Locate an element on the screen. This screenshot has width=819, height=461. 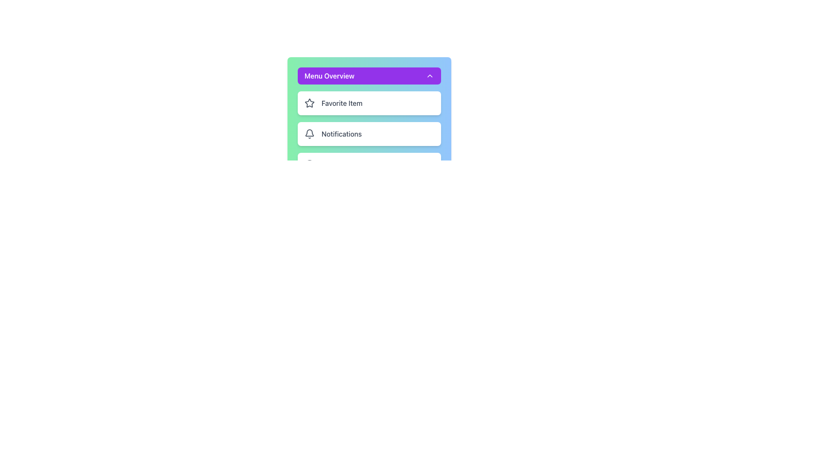
the 'Favorite Item' icon located to the left of the text label in the 'Menu Overview' options menu is located at coordinates (309, 102).